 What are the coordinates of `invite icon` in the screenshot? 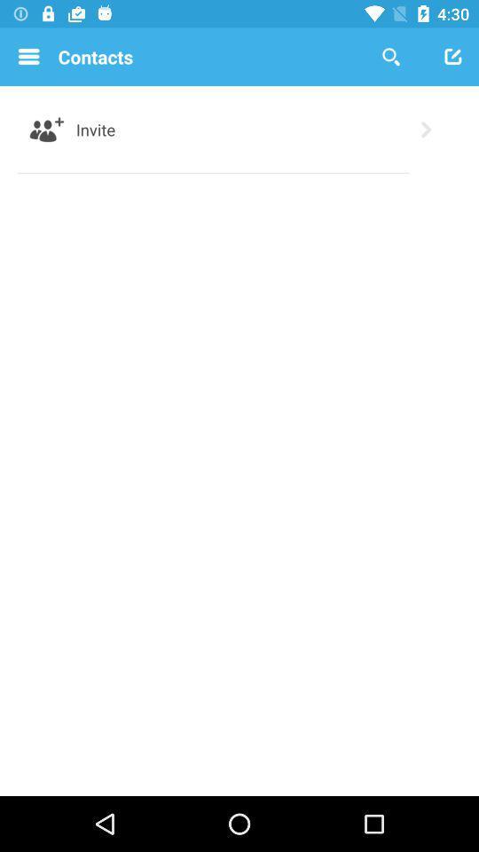 It's located at (96, 129).